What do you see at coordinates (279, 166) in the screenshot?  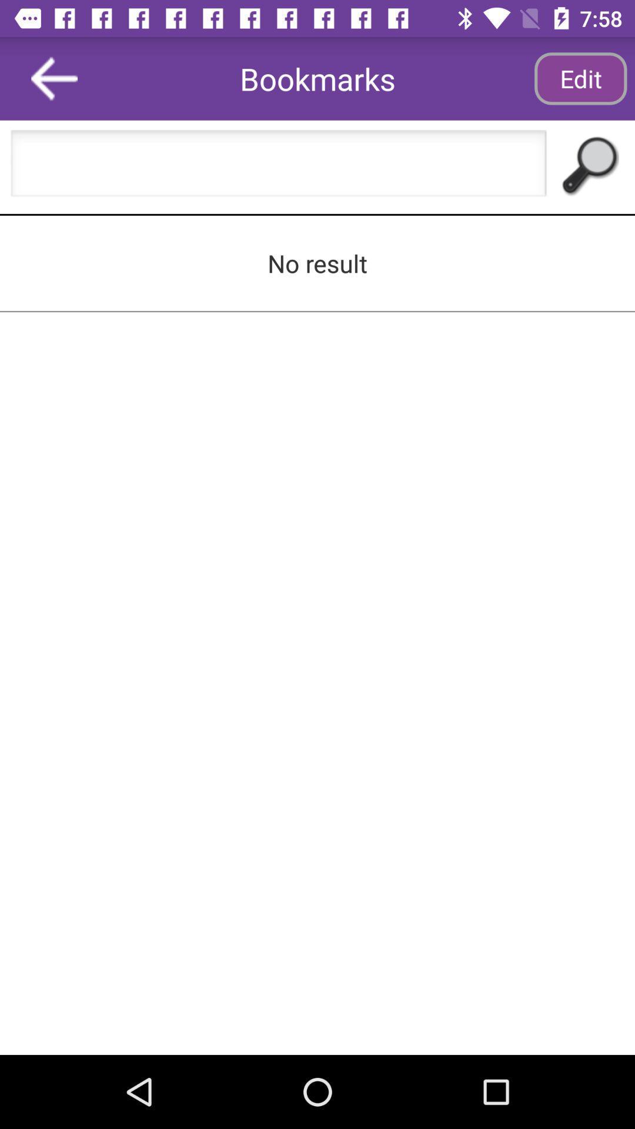 I see `write search terms` at bounding box center [279, 166].